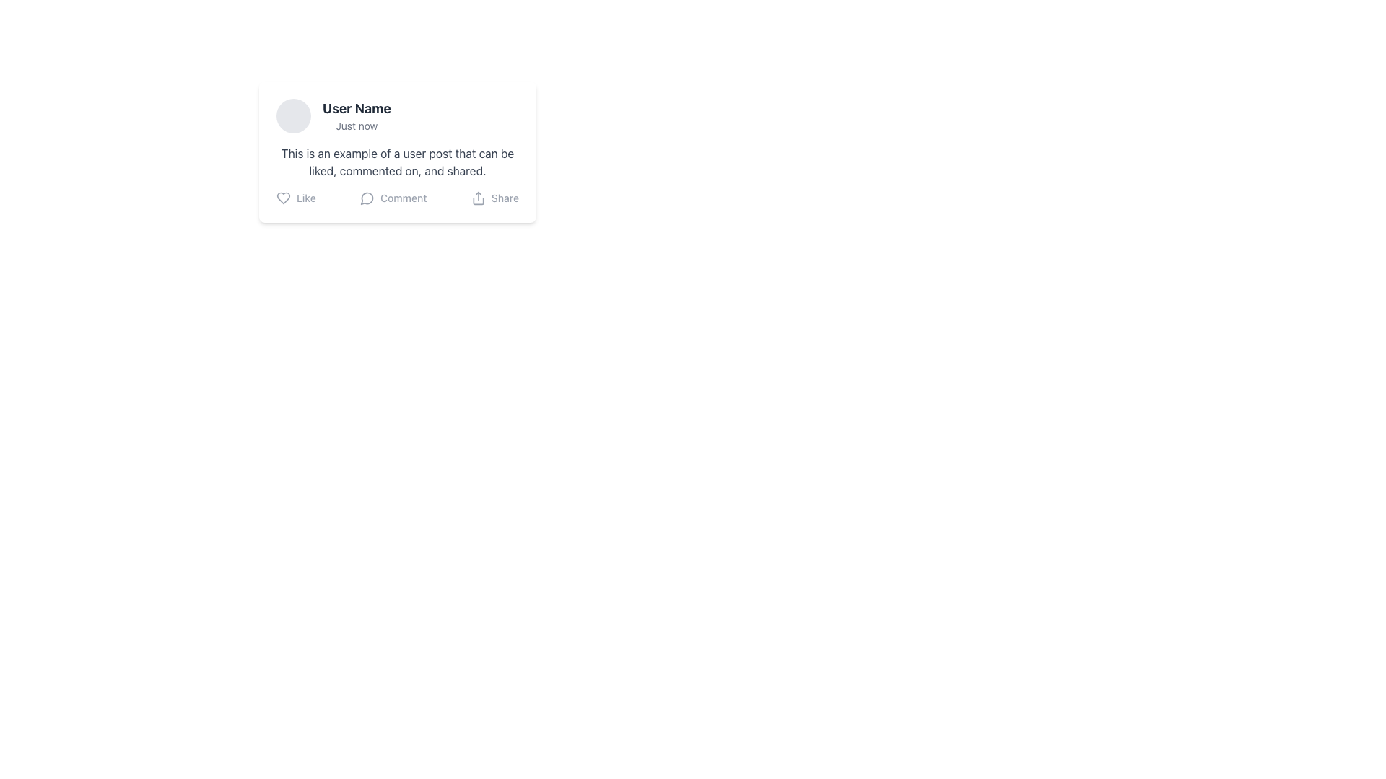 The height and width of the screenshot is (779, 1386). Describe the element at coordinates (398, 162) in the screenshot. I see `the static text block that presents the main content of the user post to focus on the post` at that location.